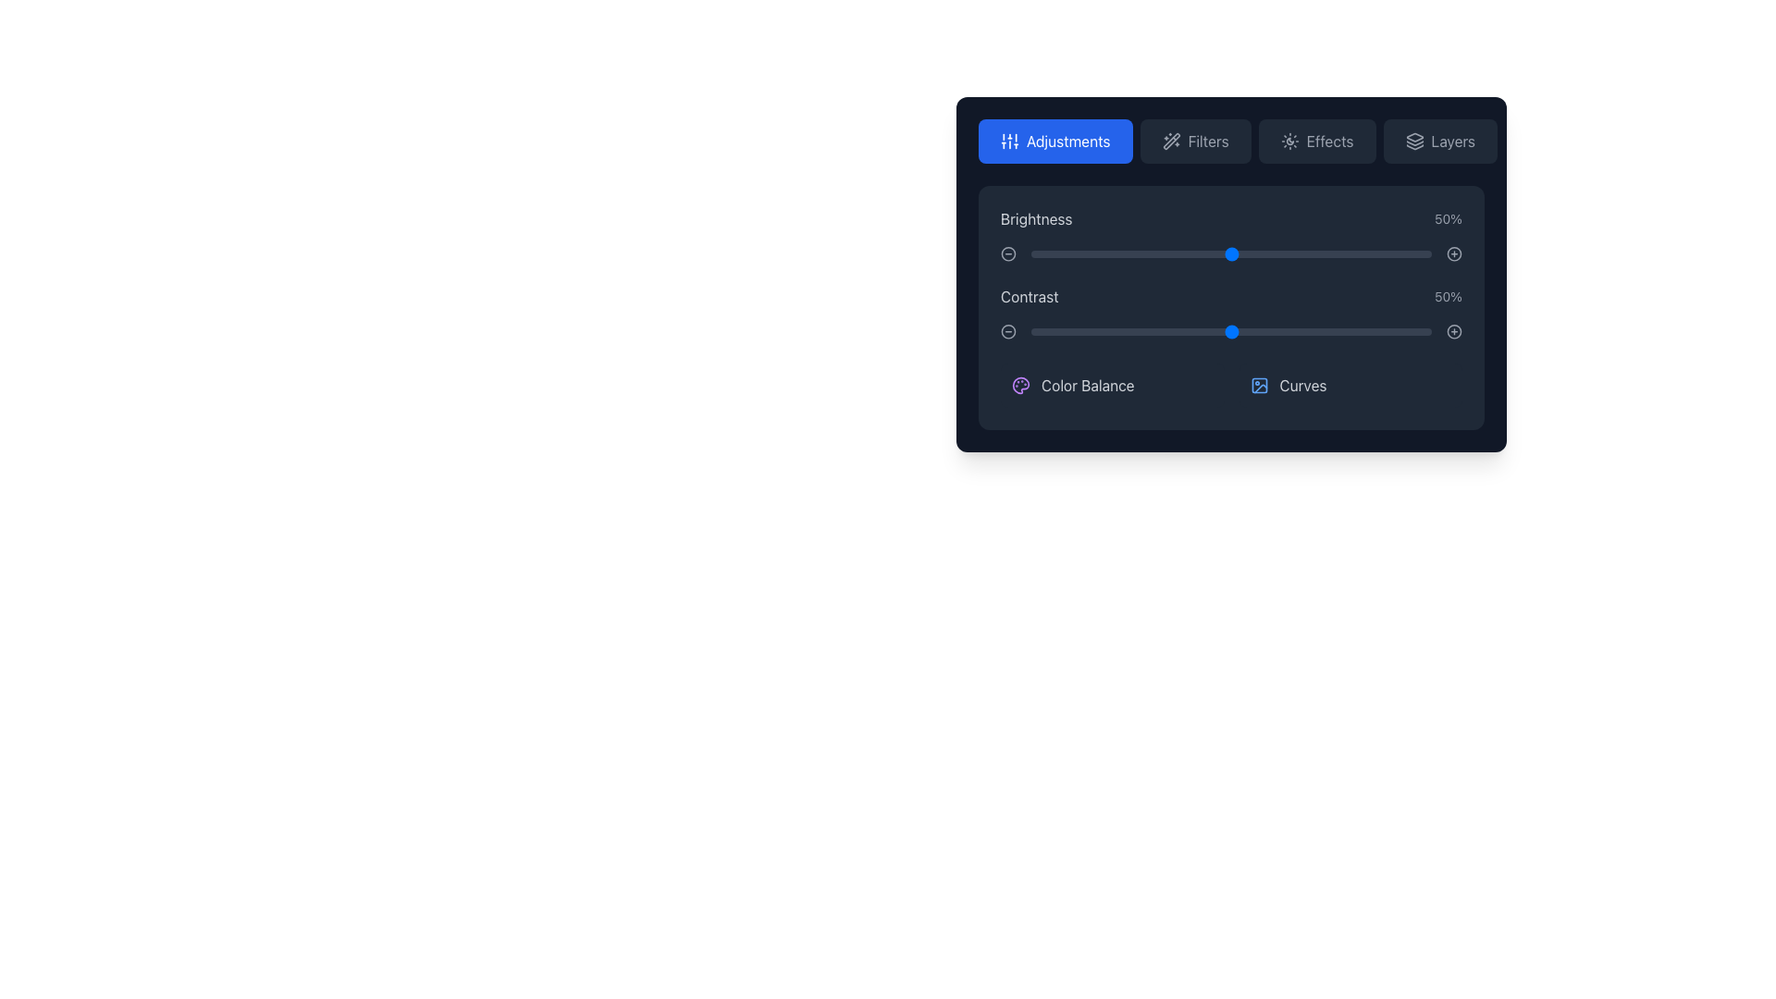  Describe the element at coordinates (1371, 253) in the screenshot. I see `brightness` at that location.